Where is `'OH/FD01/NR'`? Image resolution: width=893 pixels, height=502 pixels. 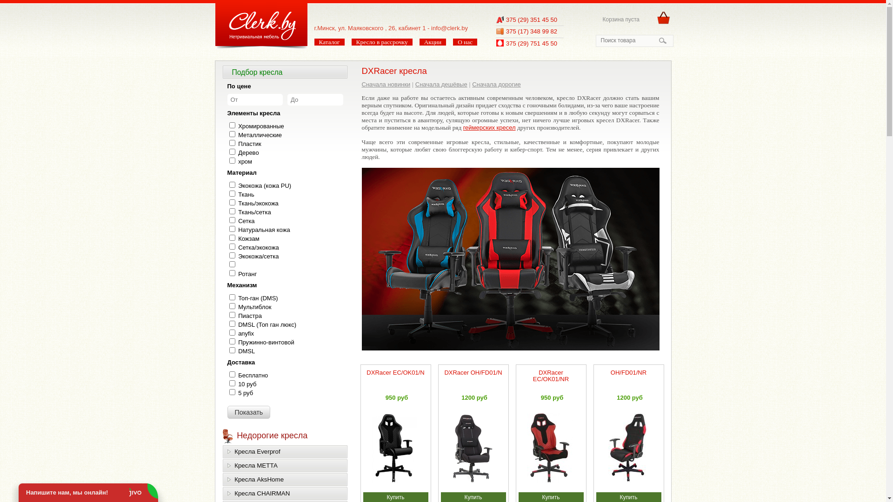
'OH/FD01/NR' is located at coordinates (611, 372).